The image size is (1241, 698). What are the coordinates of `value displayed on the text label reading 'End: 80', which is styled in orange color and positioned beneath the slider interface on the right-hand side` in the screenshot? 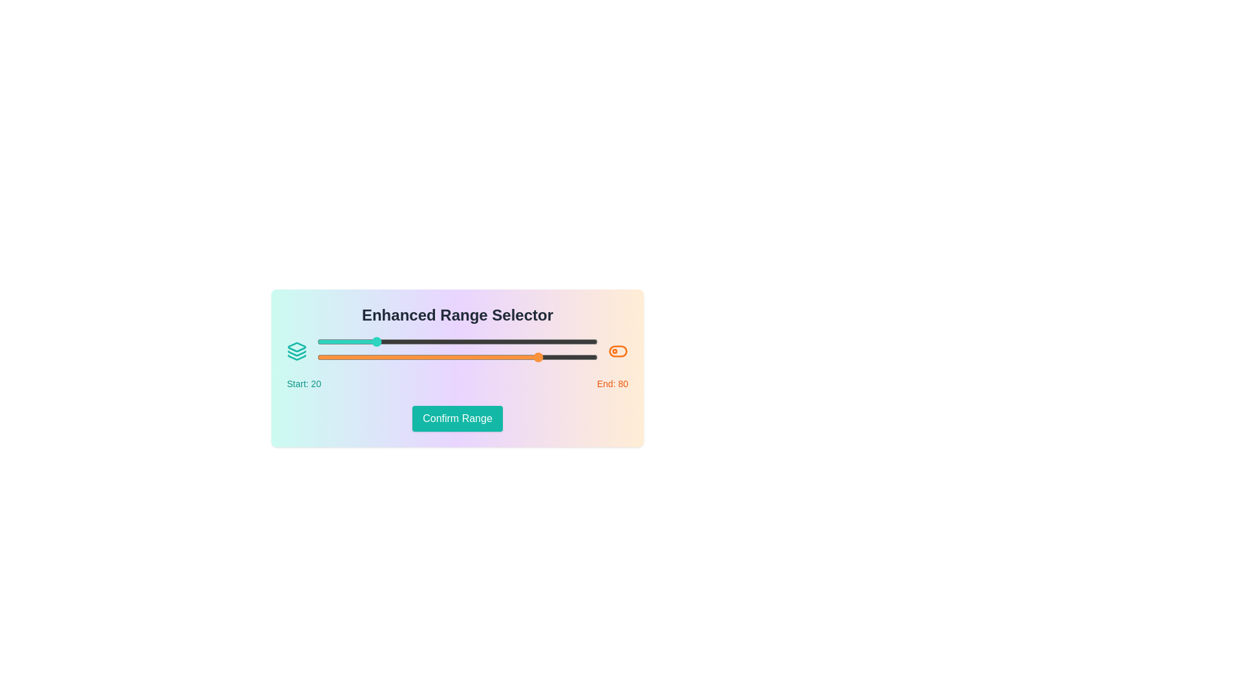 It's located at (611, 383).